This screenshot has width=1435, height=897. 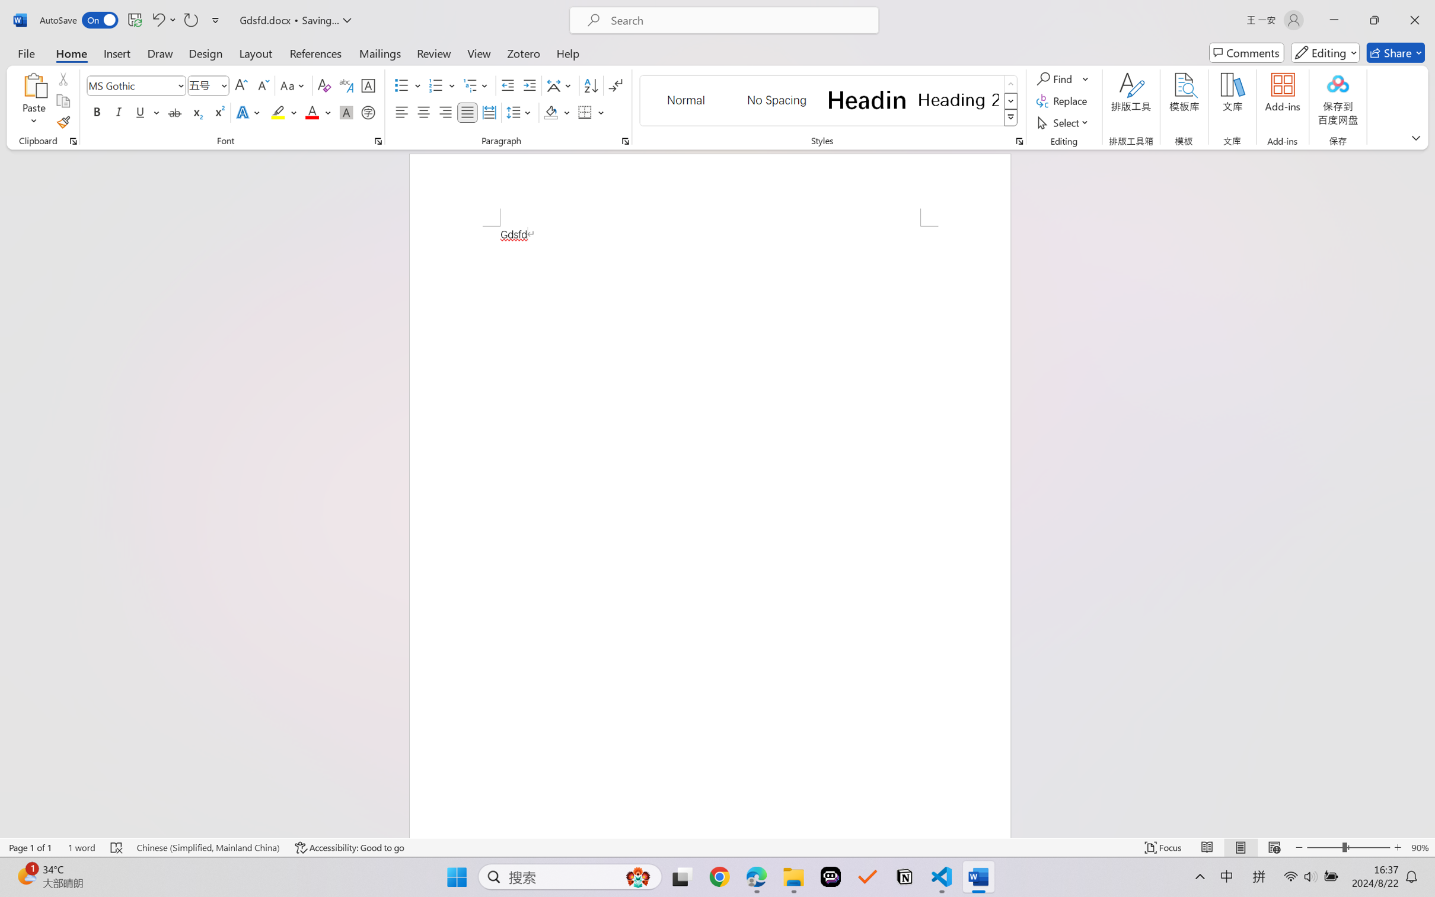 I want to click on 'Multilevel List', so click(x=477, y=85).